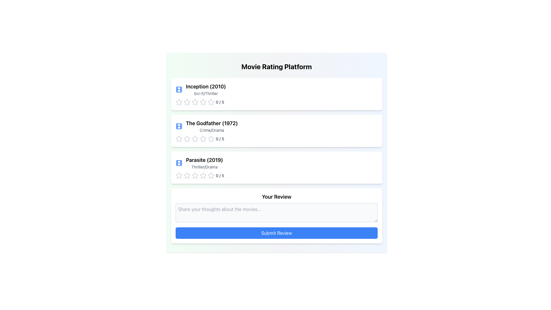 This screenshot has height=310, width=551. Describe the element at coordinates (179, 102) in the screenshot. I see `the first gray, unfilled star icon in the rating row for the movie 'Inception (2010)' to rate it` at that location.